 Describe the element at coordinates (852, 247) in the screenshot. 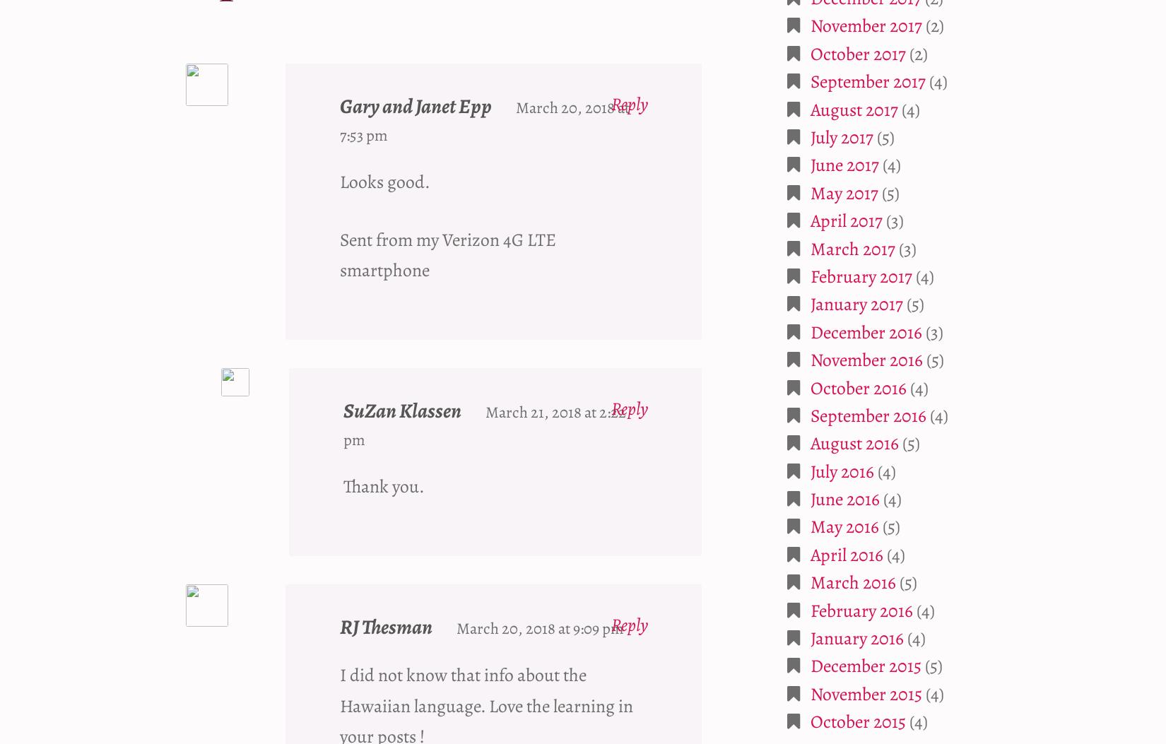

I see `'March 2017'` at that location.